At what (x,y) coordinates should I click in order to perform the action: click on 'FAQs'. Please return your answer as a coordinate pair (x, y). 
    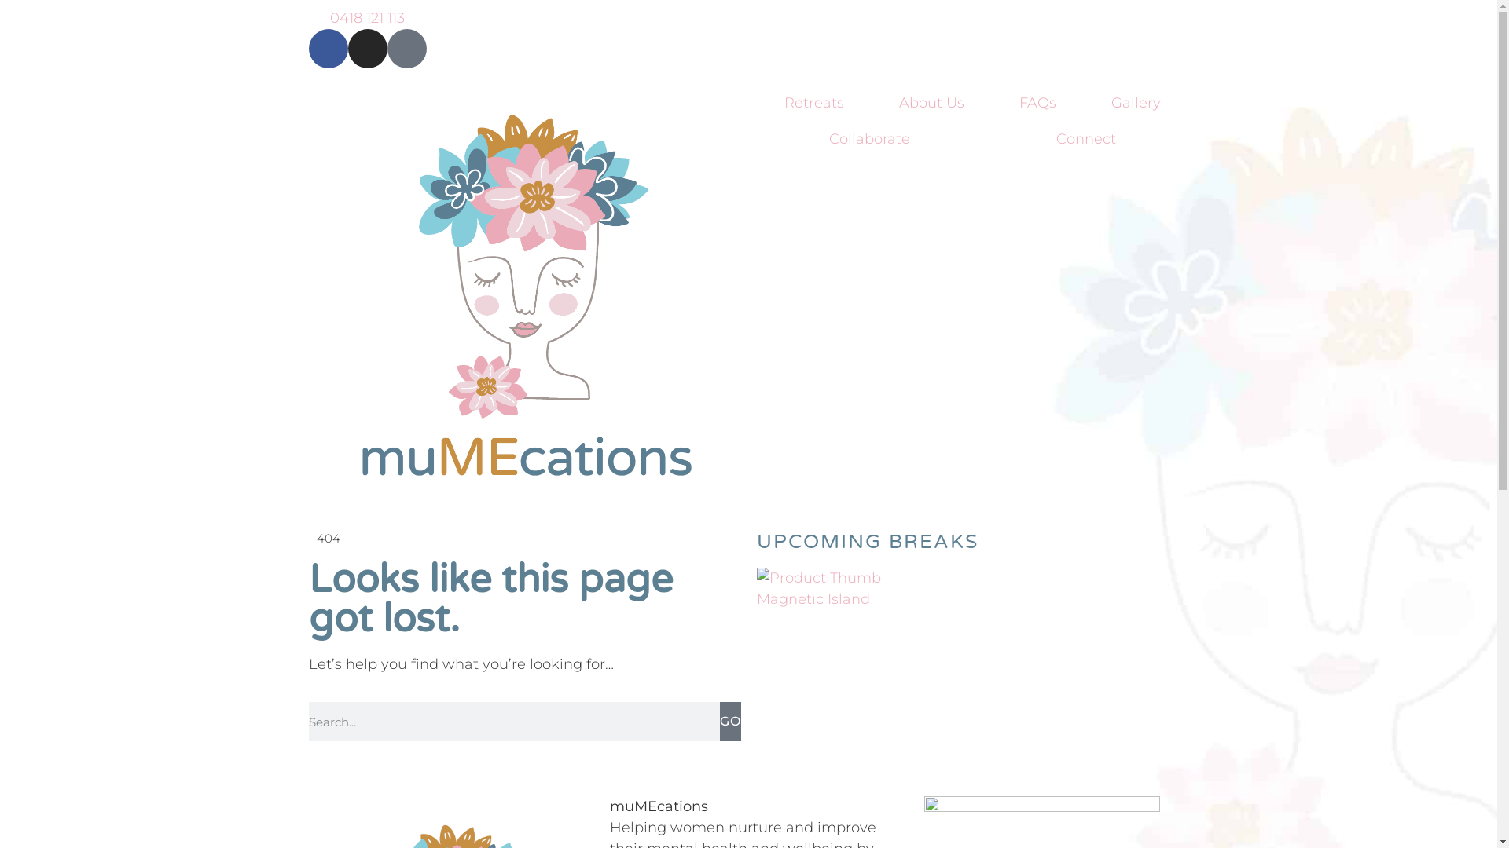
    Looking at the image, I should click on (991, 103).